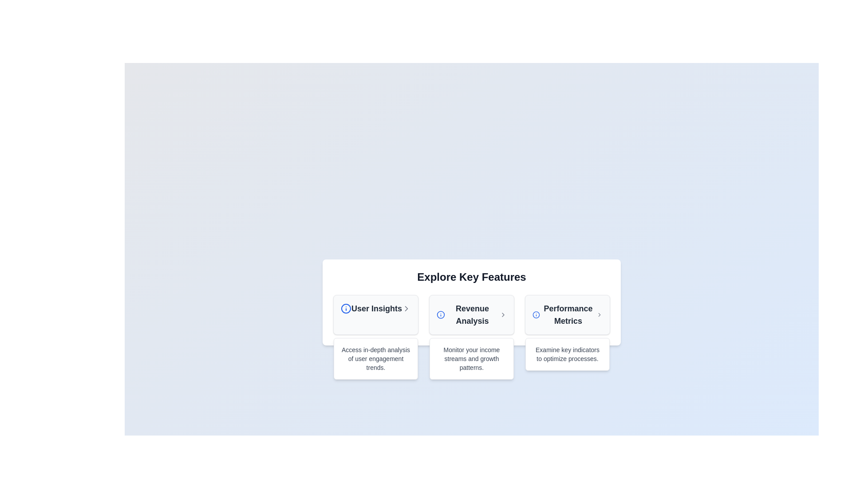  Describe the element at coordinates (375, 314) in the screenshot. I see `the 'User Insights' content card located at the top-left corner of the grid under 'Explore Key Features'` at that location.